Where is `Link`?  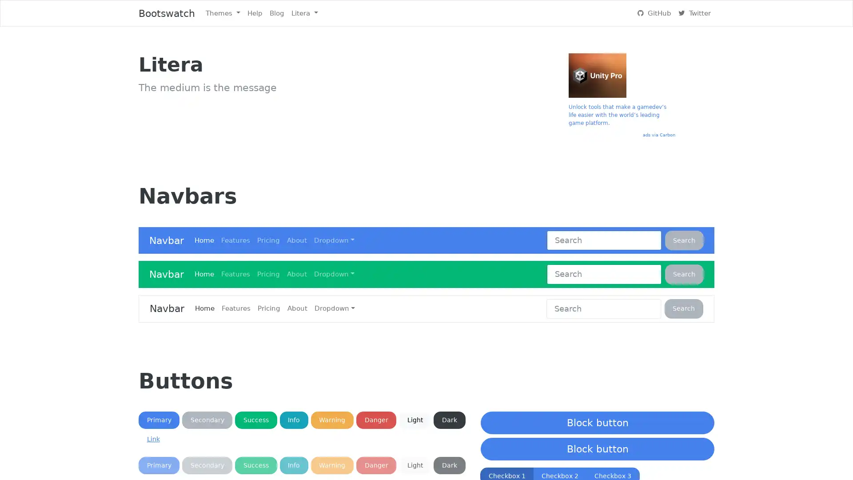 Link is located at coordinates (153, 439).